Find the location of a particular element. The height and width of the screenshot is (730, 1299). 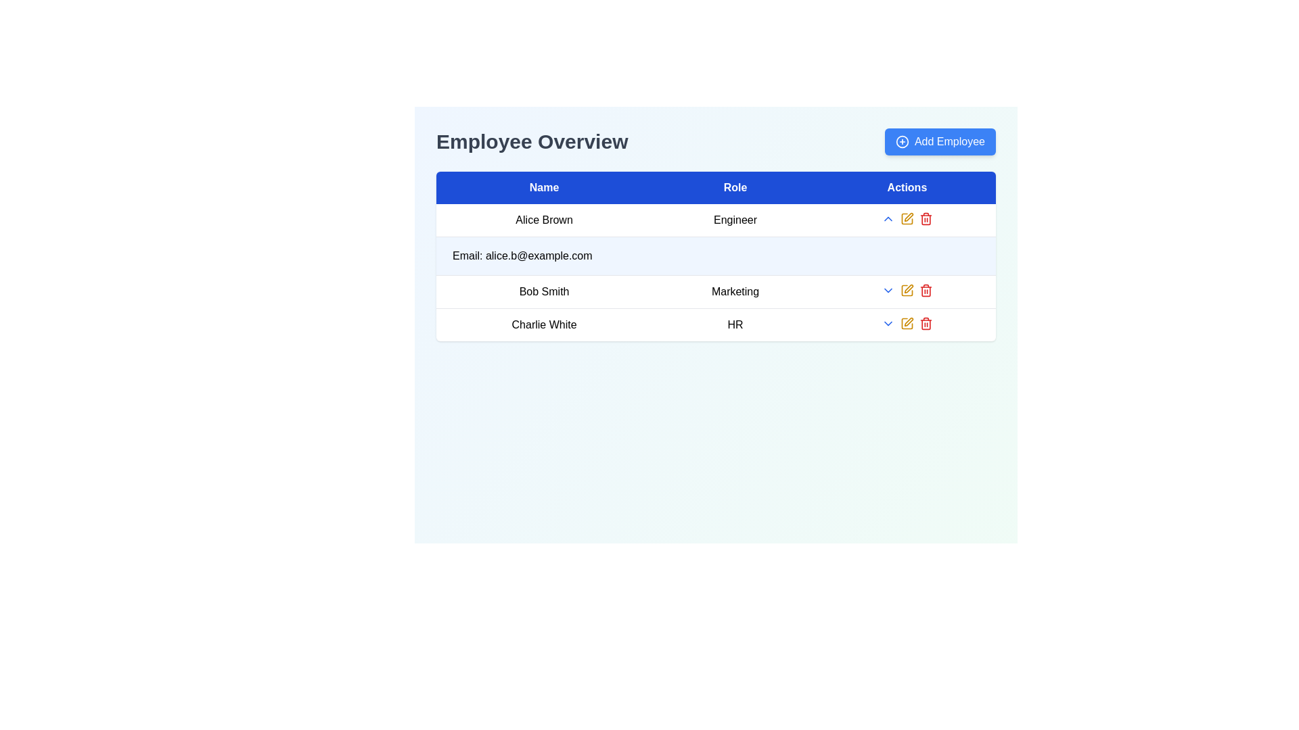

the small yellow pen icon in the 'Actions' column of the 'Bob Smith' row in the employee list table is located at coordinates (907, 289).